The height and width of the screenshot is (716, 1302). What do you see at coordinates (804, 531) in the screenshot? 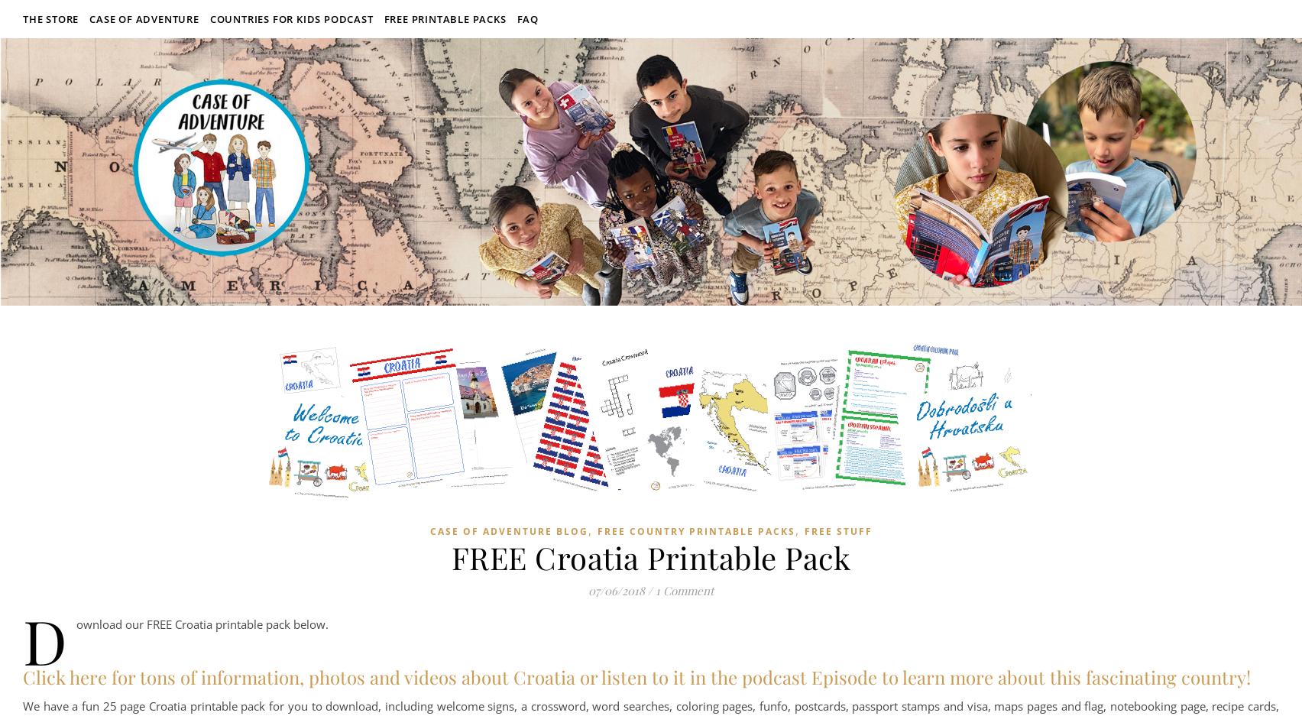
I see `'Free Stuff'` at bounding box center [804, 531].